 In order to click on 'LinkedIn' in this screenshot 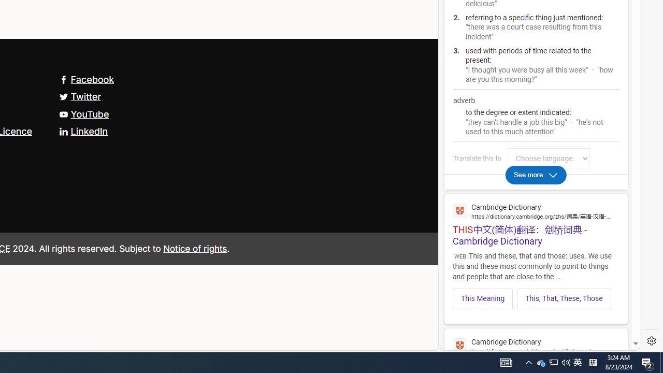, I will do `click(83, 131)`.